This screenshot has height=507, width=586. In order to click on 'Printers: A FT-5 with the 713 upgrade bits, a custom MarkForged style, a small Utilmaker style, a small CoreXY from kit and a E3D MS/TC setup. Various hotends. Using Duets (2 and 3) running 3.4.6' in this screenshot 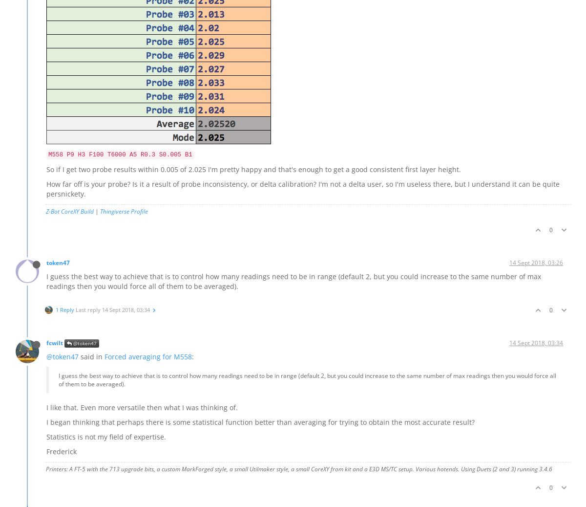, I will do `click(45, 469)`.